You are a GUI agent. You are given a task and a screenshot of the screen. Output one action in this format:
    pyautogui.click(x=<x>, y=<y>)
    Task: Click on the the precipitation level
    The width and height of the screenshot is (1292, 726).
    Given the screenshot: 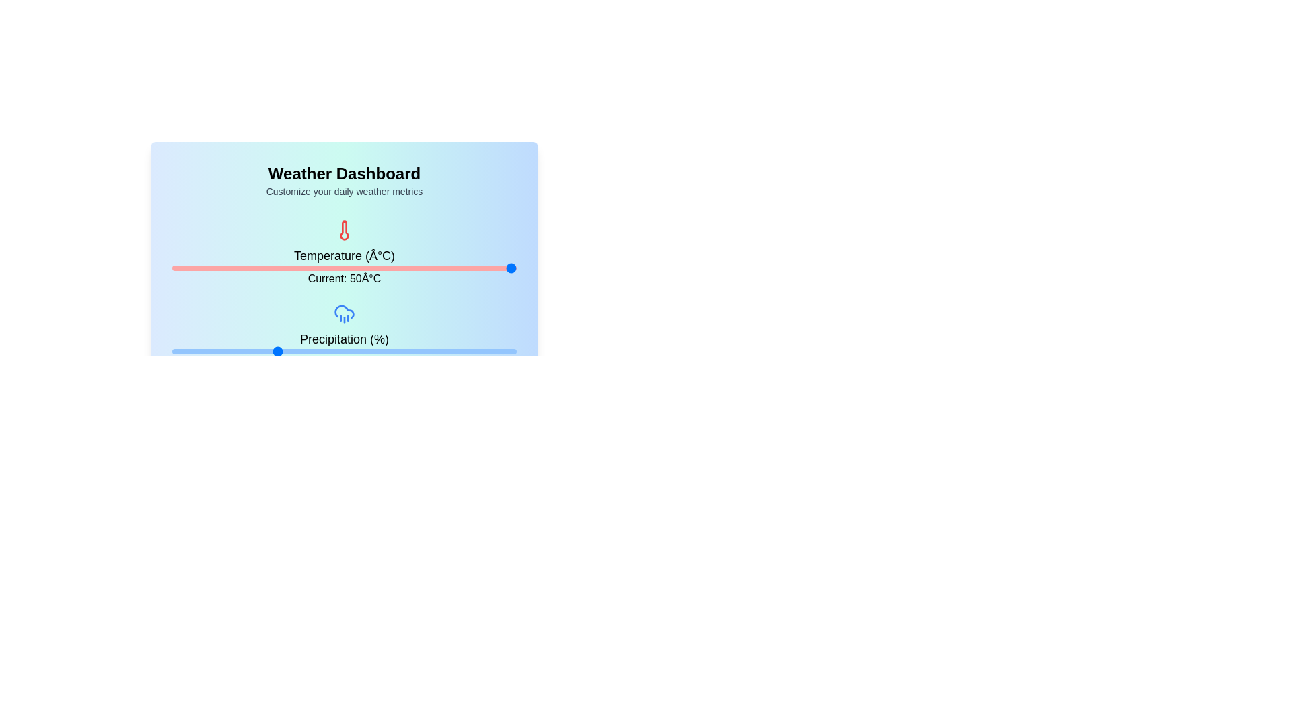 What is the action you would take?
    pyautogui.click(x=416, y=351)
    